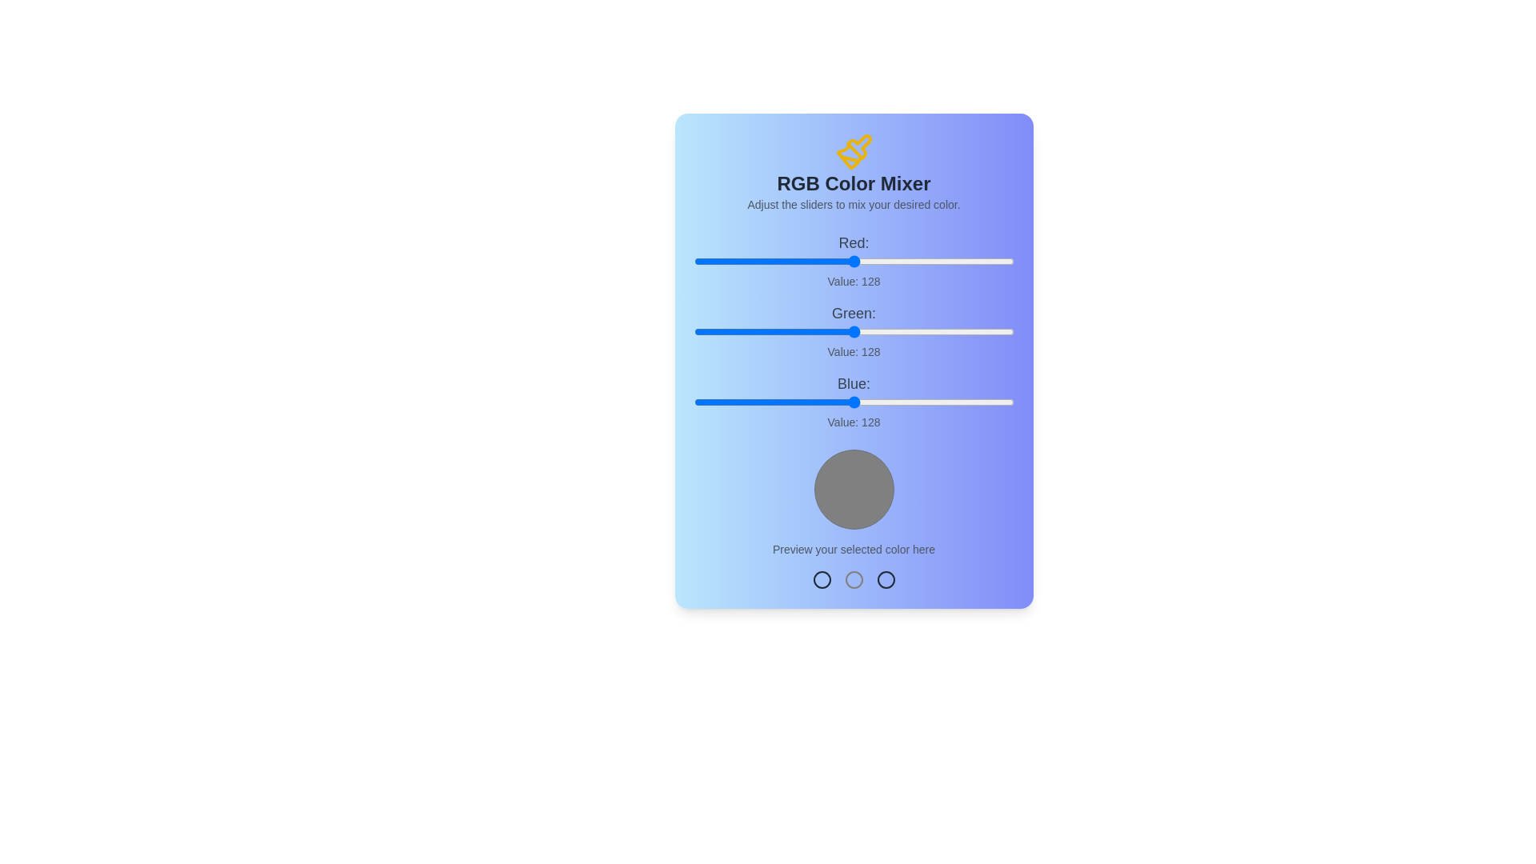 This screenshot has height=864, width=1536. What do you see at coordinates (742, 261) in the screenshot?
I see `the red slider to set the red component to 39` at bounding box center [742, 261].